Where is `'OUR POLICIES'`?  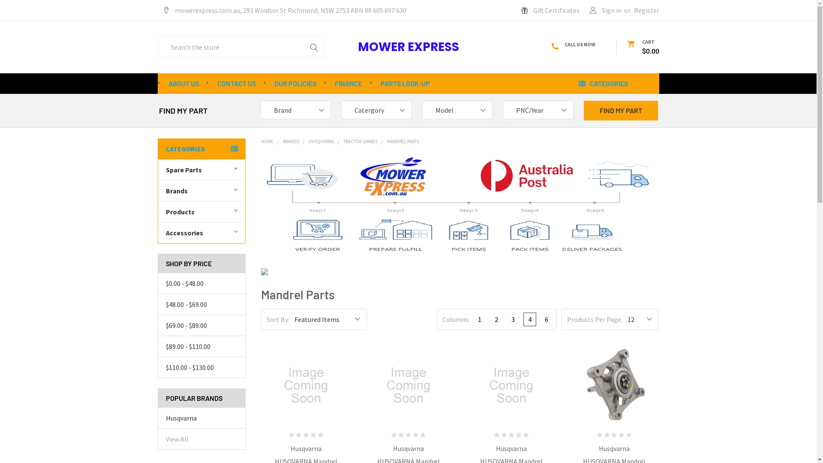
'OUR POLICIES' is located at coordinates (266, 84).